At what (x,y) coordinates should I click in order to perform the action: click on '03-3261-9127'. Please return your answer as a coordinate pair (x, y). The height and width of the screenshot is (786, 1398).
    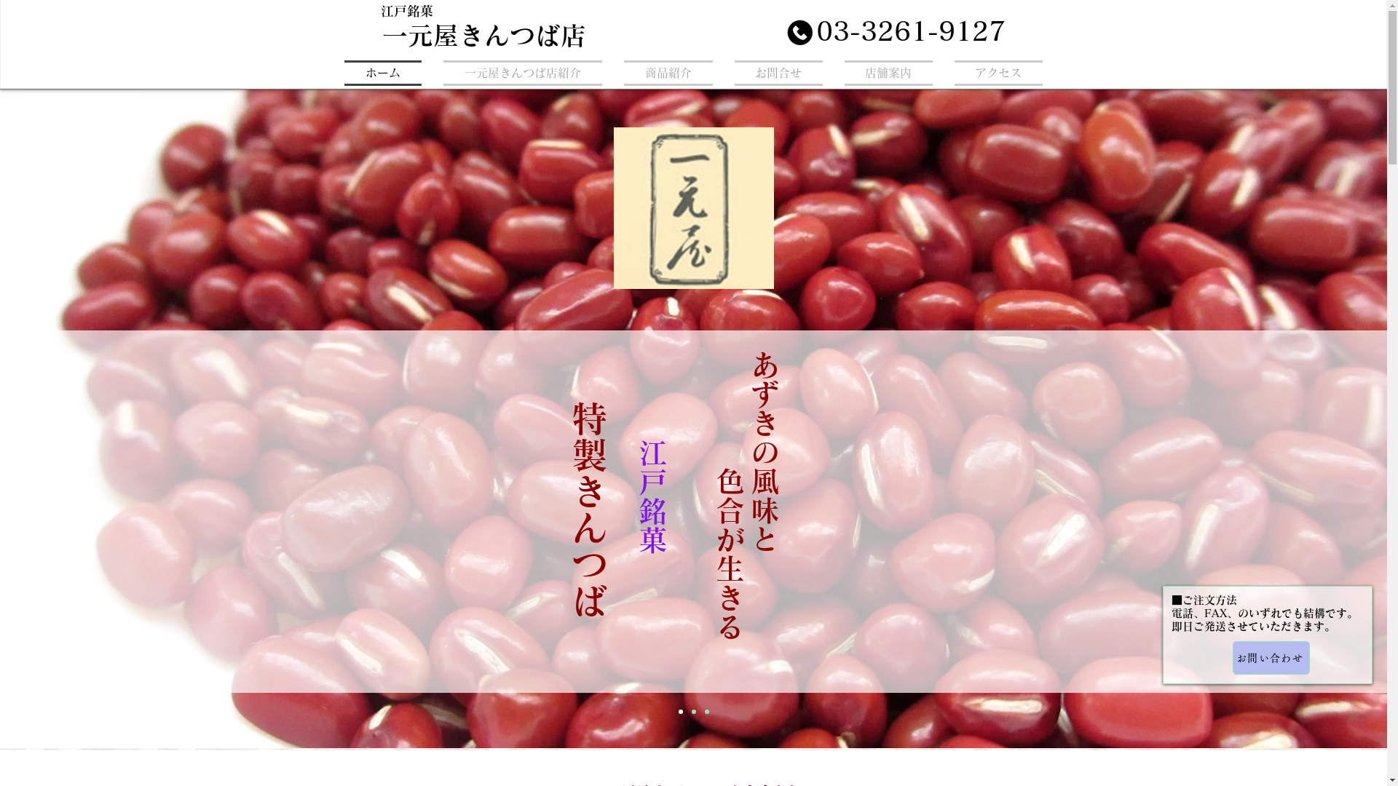
    Looking at the image, I should click on (909, 31).